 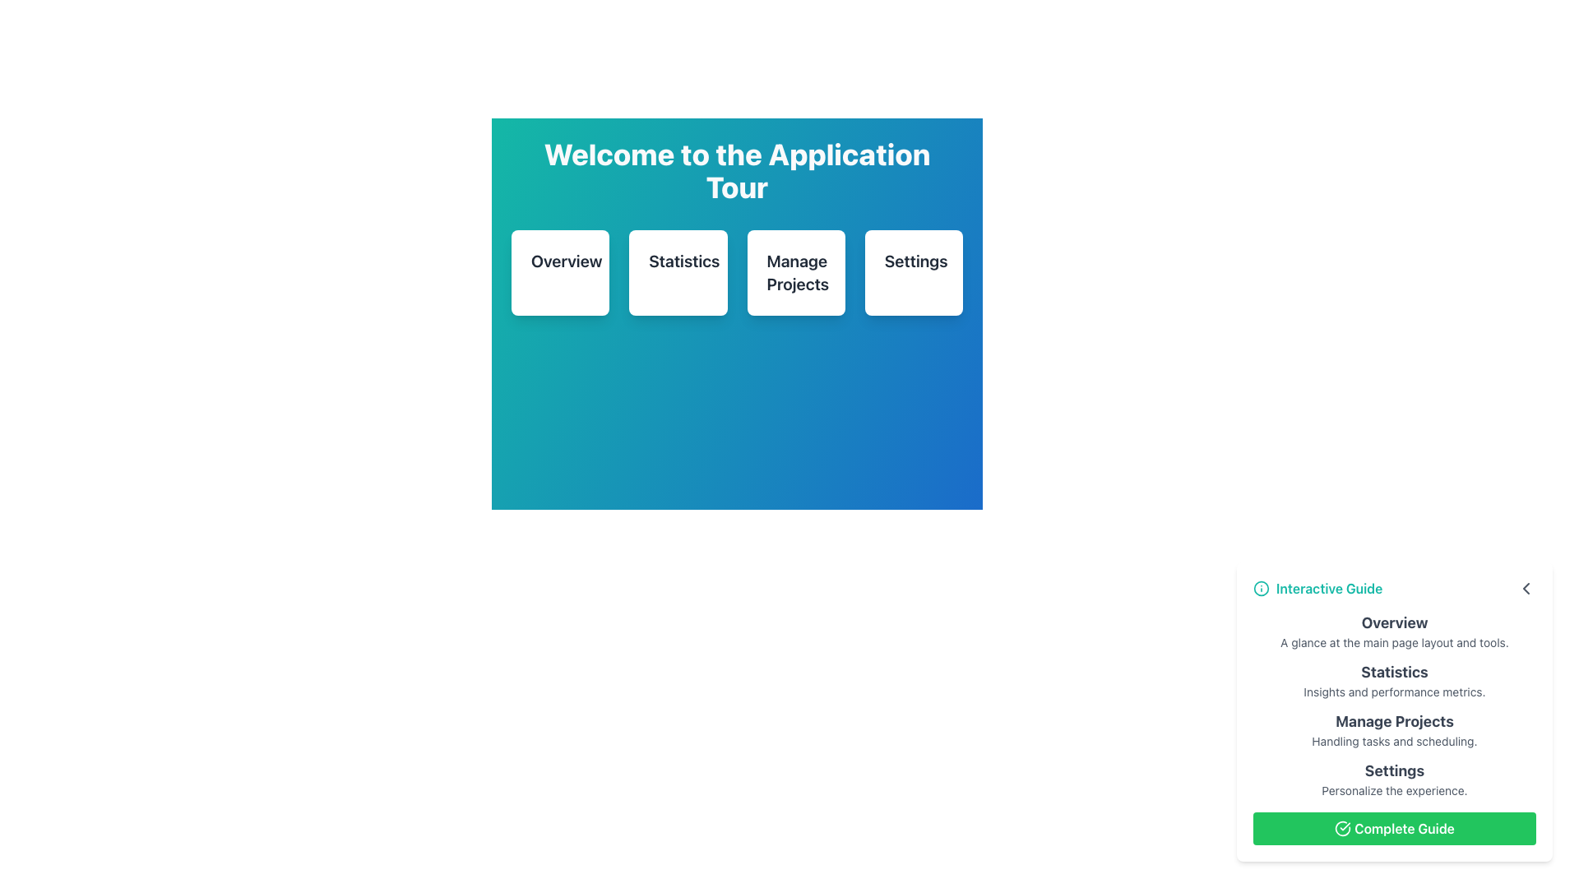 What do you see at coordinates (1393, 704) in the screenshot?
I see `the 'Manage Projects' section, which is the third item in the listing and includes the bold title and description about handling tasks and scheduling` at bounding box center [1393, 704].